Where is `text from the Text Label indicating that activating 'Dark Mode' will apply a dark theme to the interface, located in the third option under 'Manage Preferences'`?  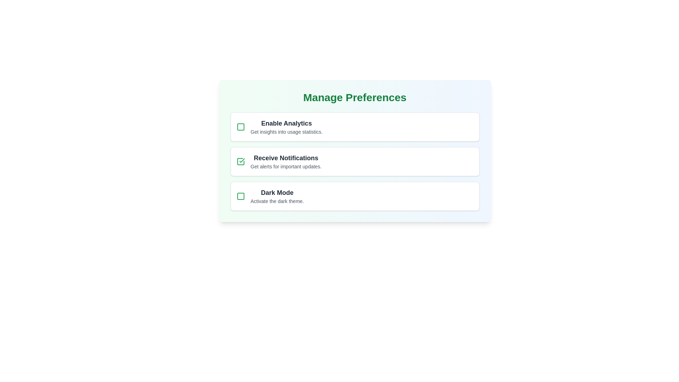
text from the Text Label indicating that activating 'Dark Mode' will apply a dark theme to the interface, located in the third option under 'Manage Preferences' is located at coordinates (277, 196).